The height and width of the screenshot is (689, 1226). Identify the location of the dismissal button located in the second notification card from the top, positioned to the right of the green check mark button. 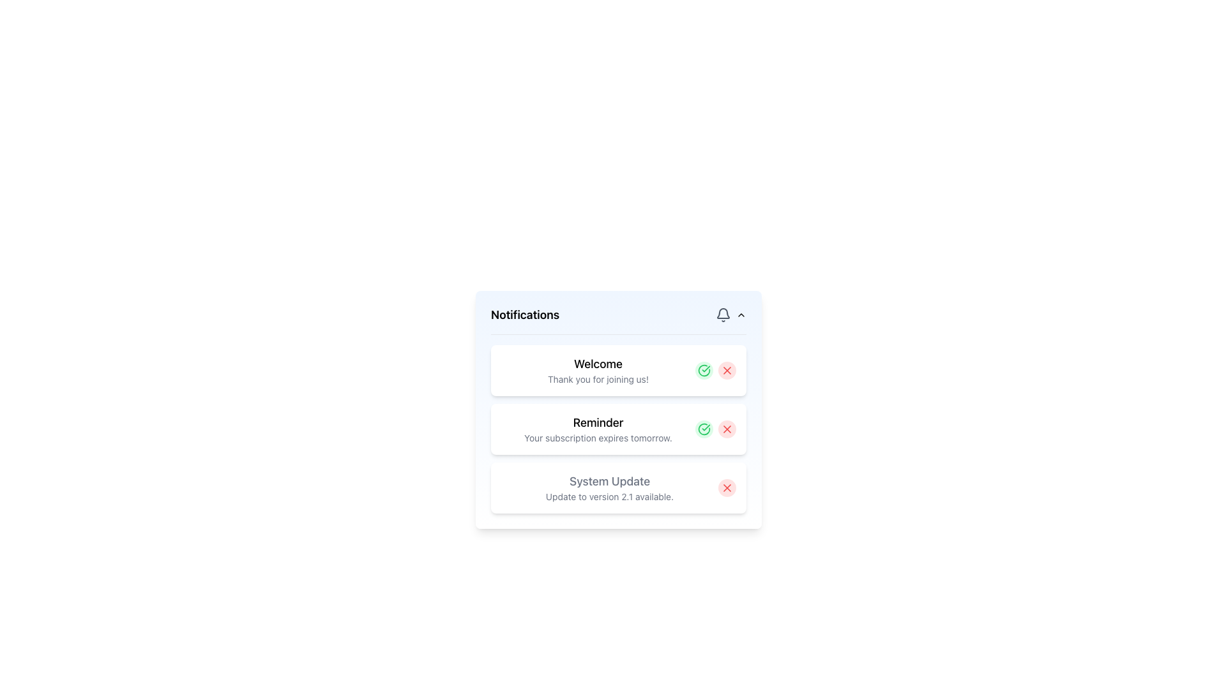
(727, 429).